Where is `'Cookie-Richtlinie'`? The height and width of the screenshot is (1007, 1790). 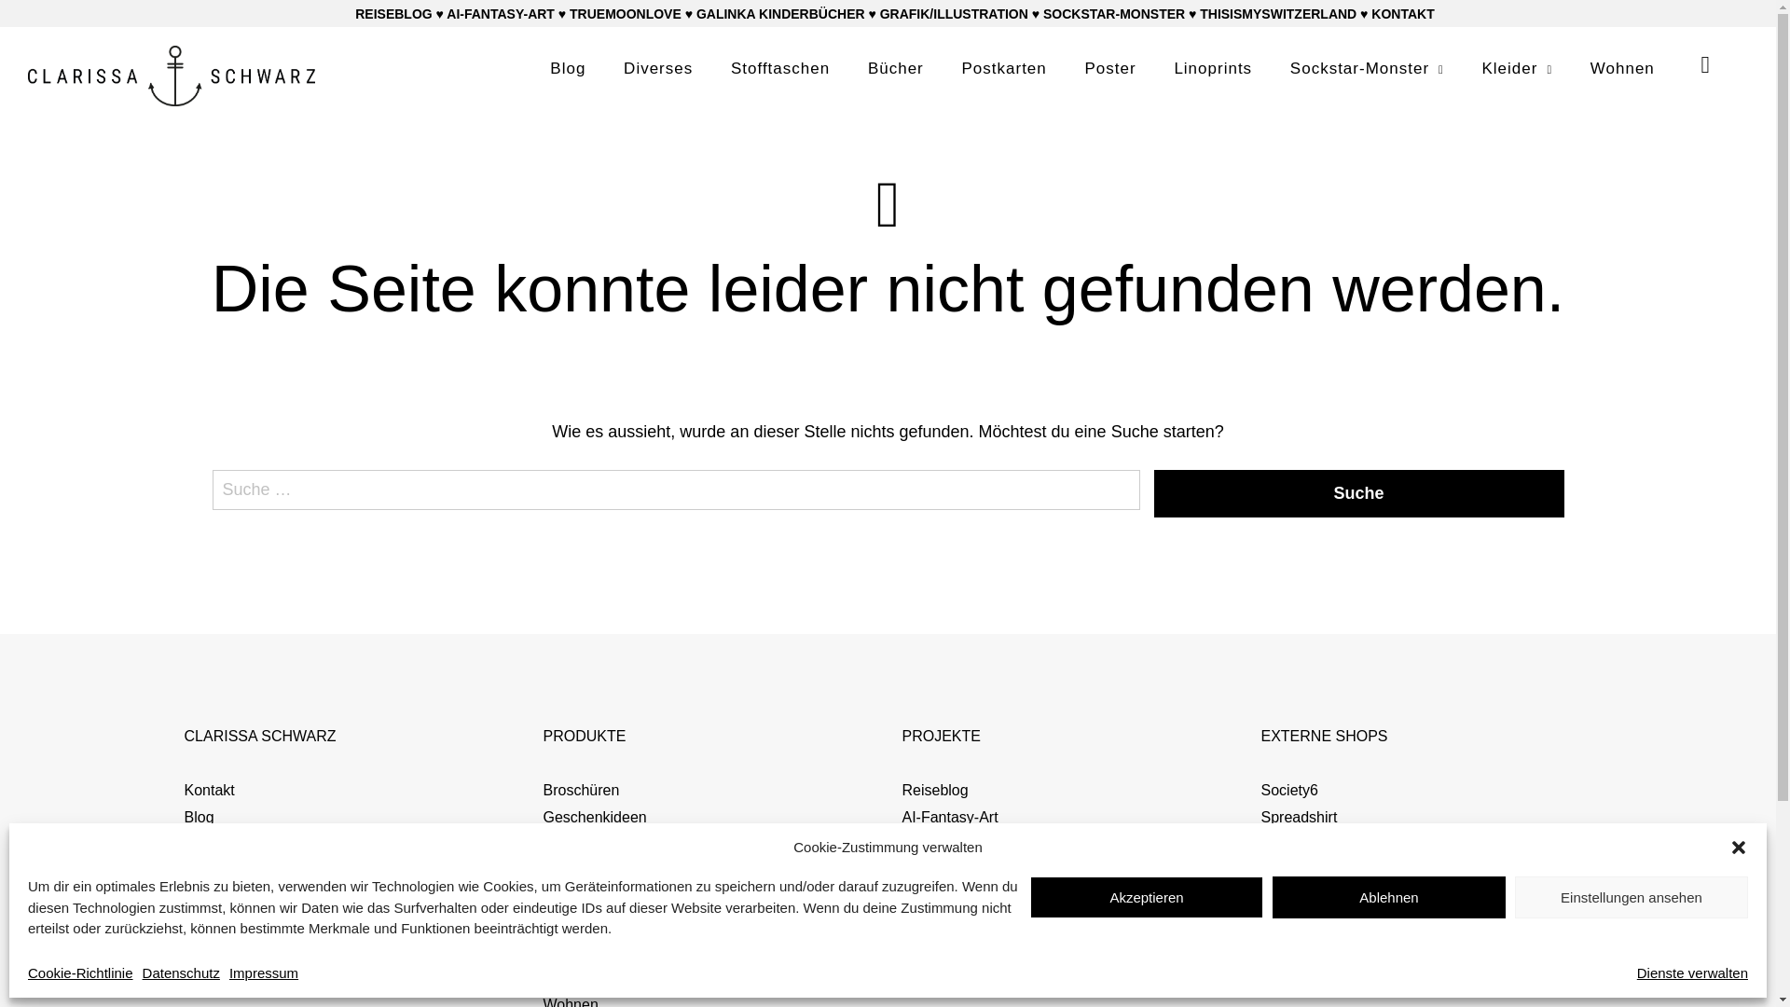
'Cookie-Richtlinie' is located at coordinates (27, 972).